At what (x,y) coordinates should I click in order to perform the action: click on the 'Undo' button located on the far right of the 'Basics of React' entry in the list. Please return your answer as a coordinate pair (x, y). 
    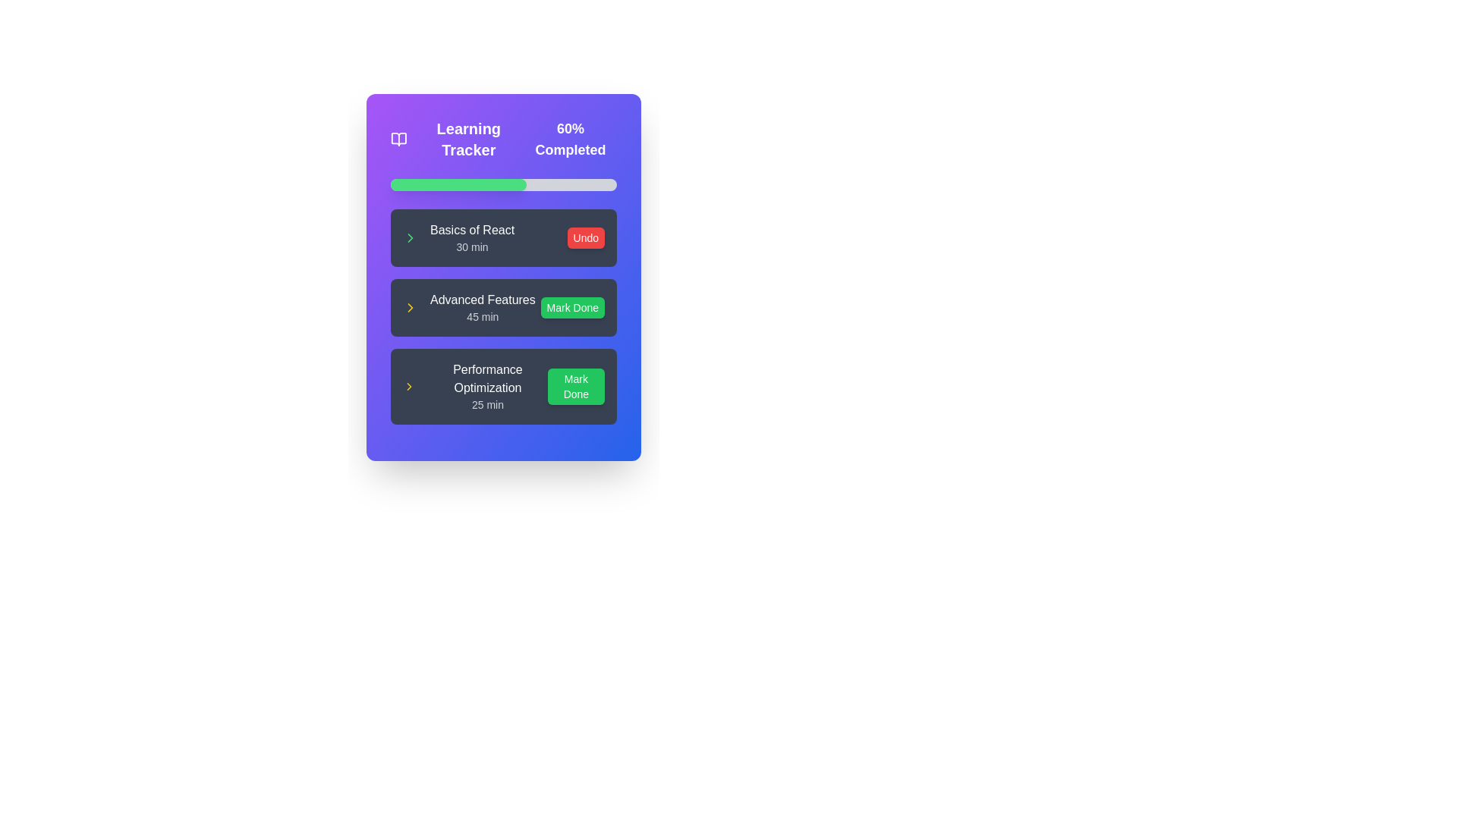
    Looking at the image, I should click on (585, 237).